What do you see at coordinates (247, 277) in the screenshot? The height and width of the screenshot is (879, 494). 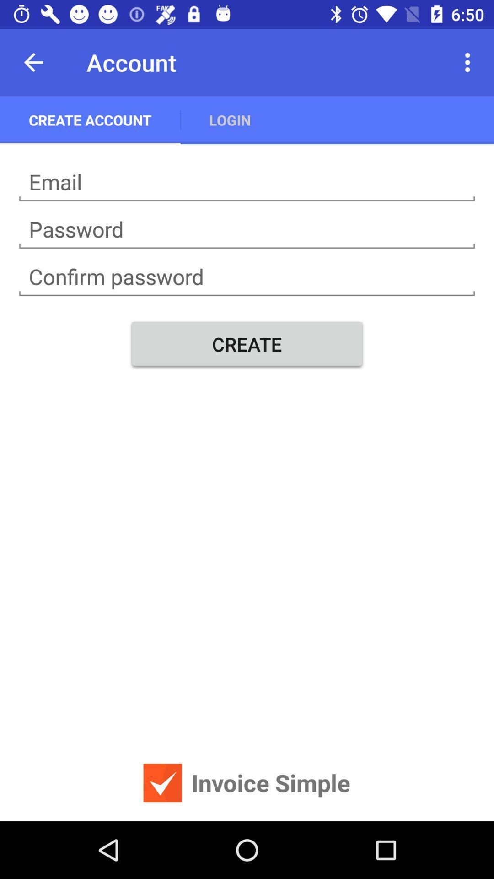 I see `confirm password` at bounding box center [247, 277].